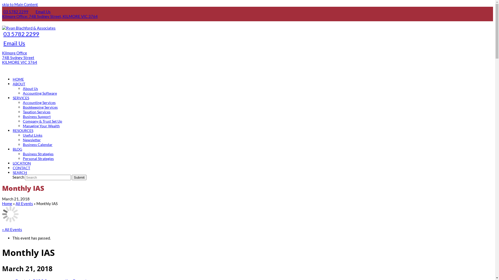 This screenshot has width=499, height=280. What do you see at coordinates (21, 34) in the screenshot?
I see `'03 5782 2299'` at bounding box center [21, 34].